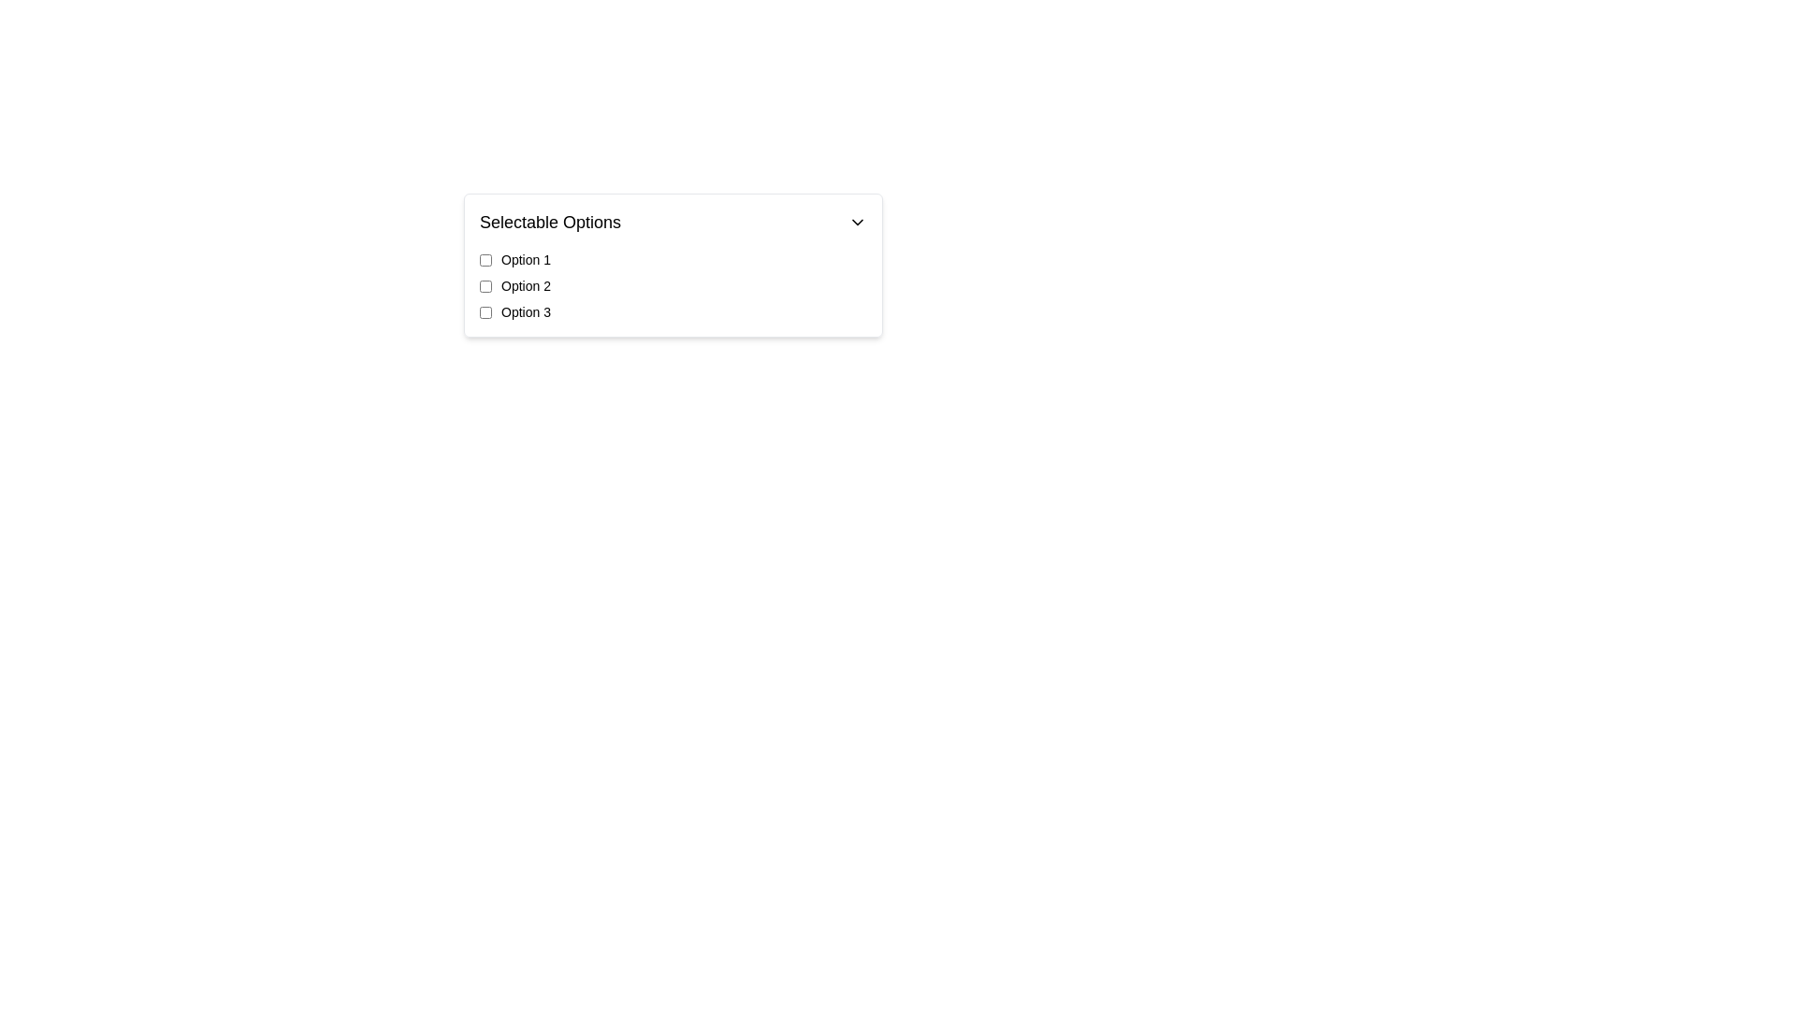 Image resolution: width=1796 pixels, height=1010 pixels. Describe the element at coordinates (525, 311) in the screenshot. I see `the text label that says 'Option 3', which is the third text label in a list of selectable options under the header 'Selectable Options'` at that location.